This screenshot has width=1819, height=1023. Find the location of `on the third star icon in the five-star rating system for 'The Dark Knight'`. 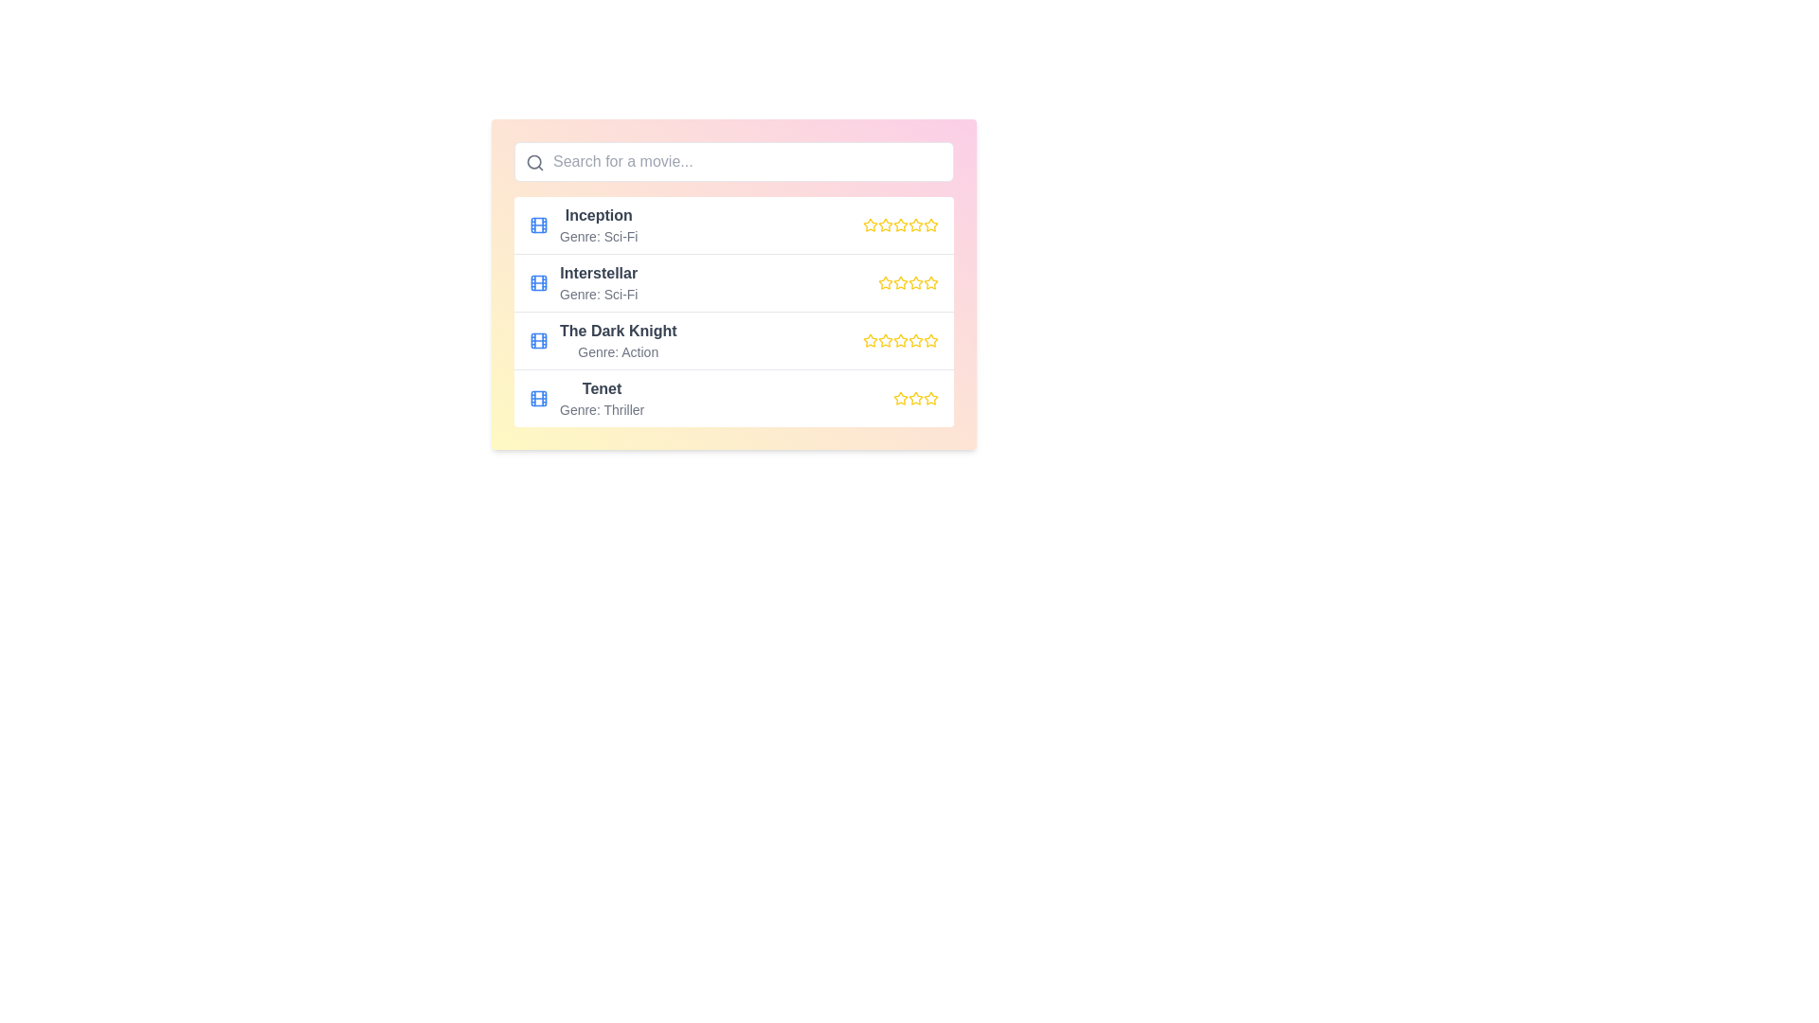

on the third star icon in the five-star rating system for 'The Dark Knight' is located at coordinates (885, 339).